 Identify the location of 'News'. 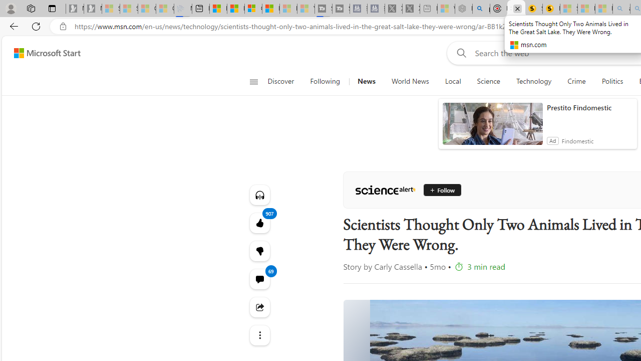
(366, 81).